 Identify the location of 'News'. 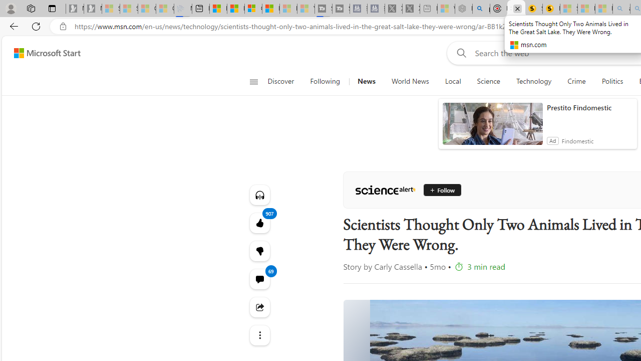
(366, 81).